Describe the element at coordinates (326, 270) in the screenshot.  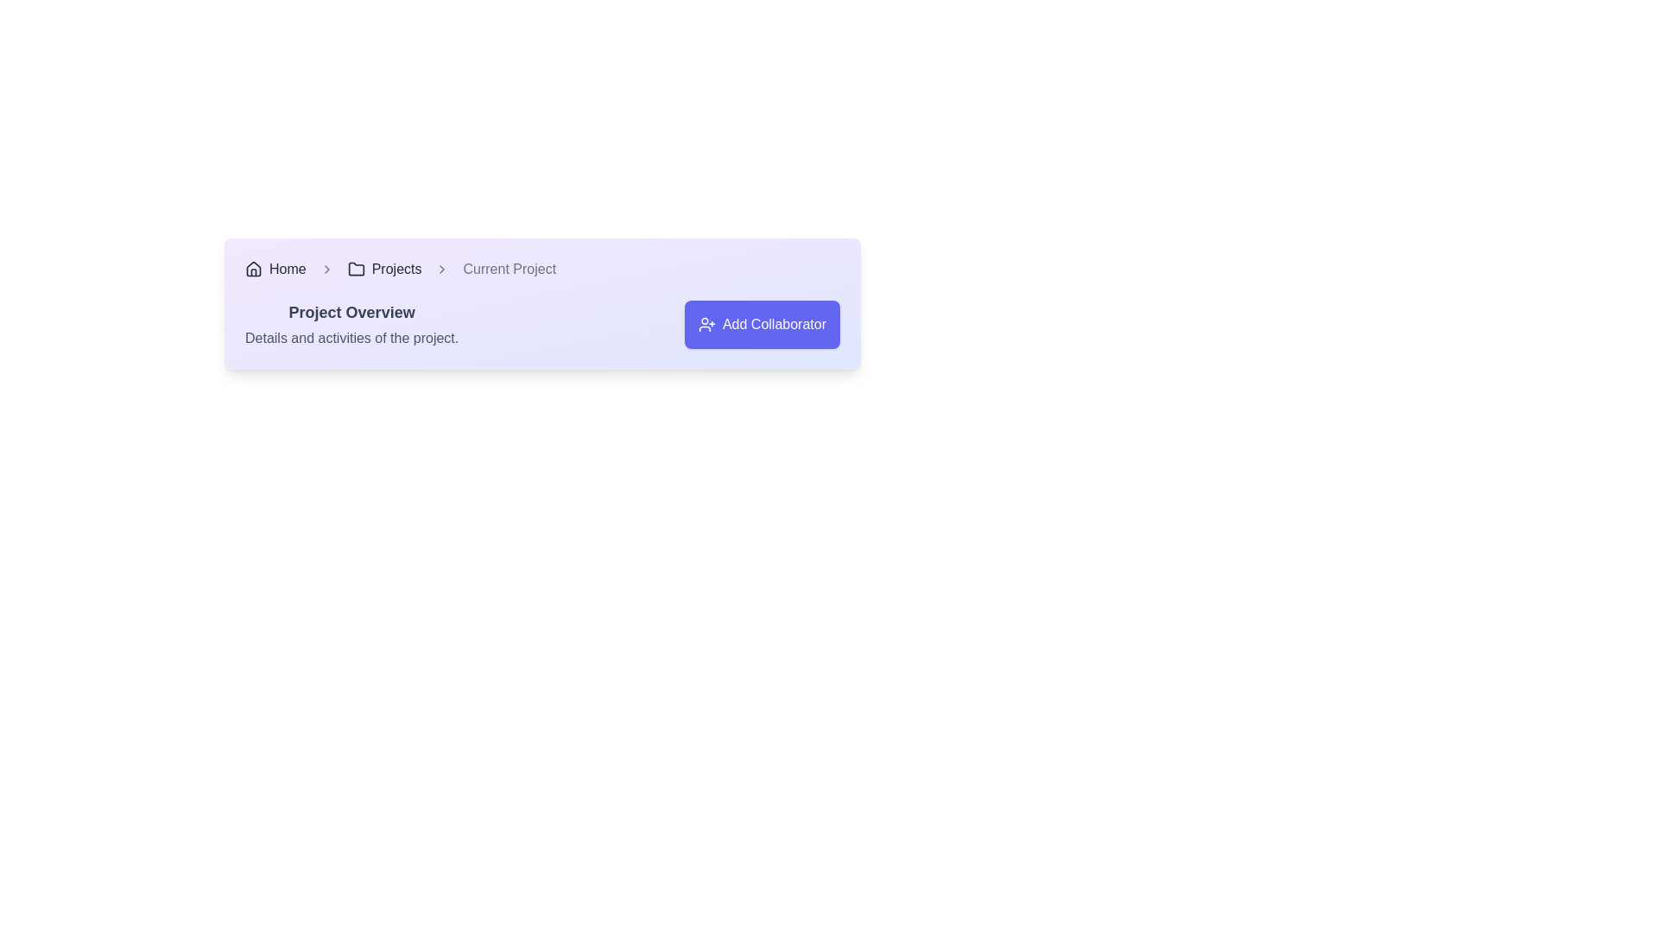
I see `the right-pointing chevron icon in the breadcrumb navigation located between 'Home' and 'Projects'` at that location.